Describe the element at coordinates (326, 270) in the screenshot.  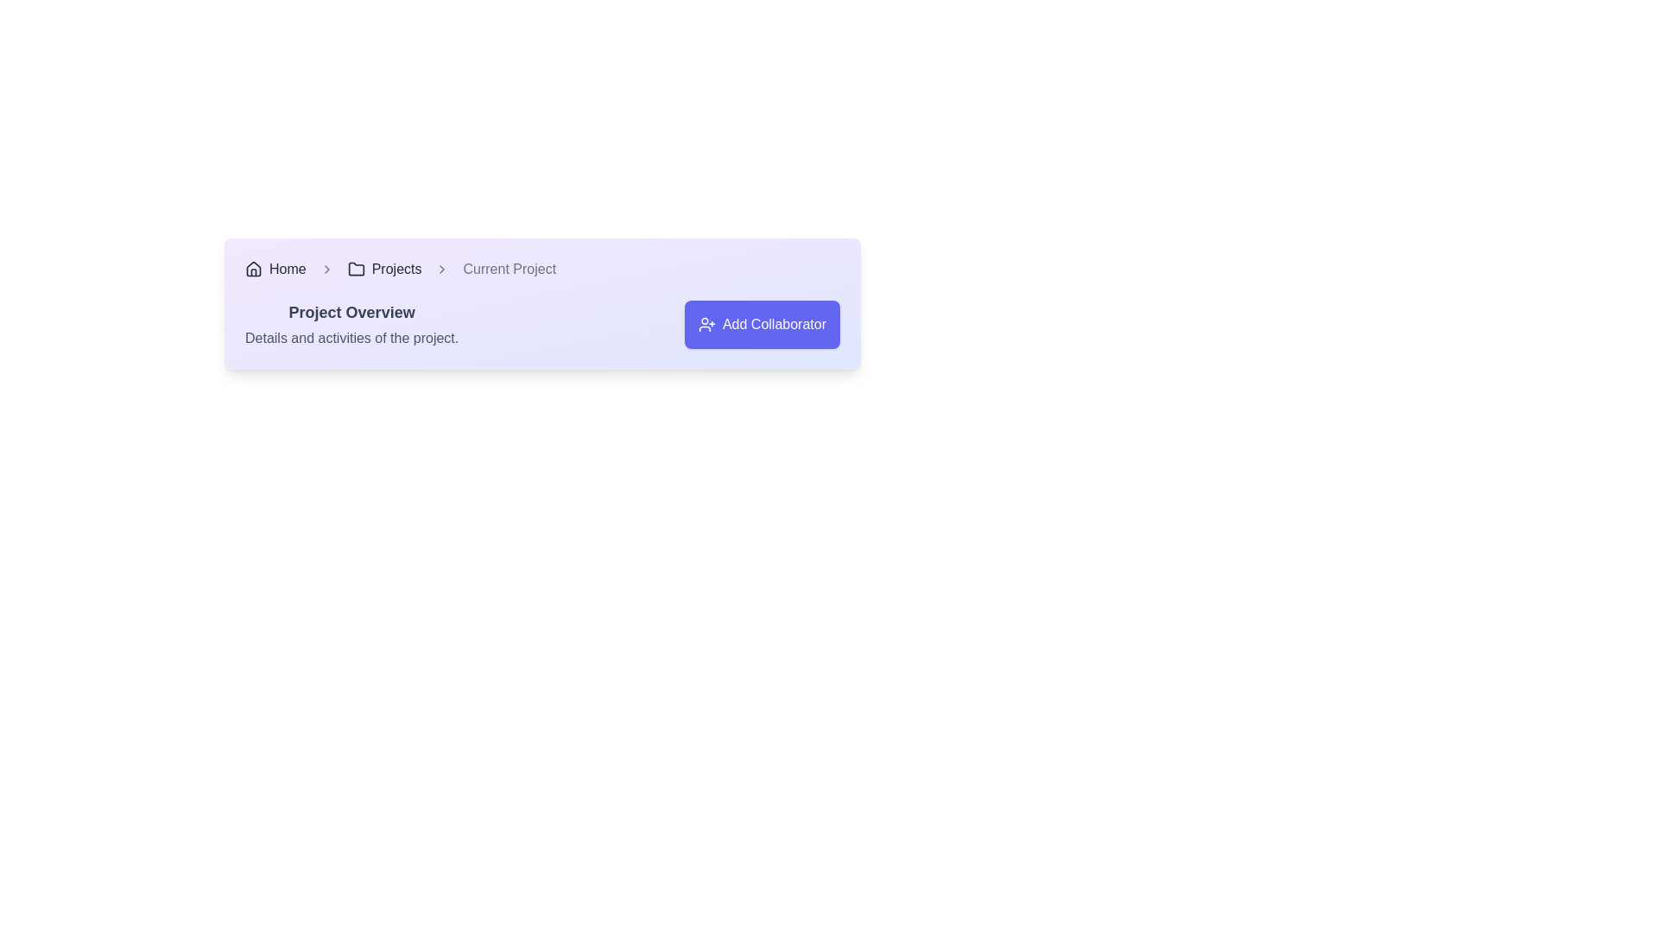
I see `the right-pointing chevron icon in the breadcrumb navigation located between 'Home' and 'Projects'` at that location.